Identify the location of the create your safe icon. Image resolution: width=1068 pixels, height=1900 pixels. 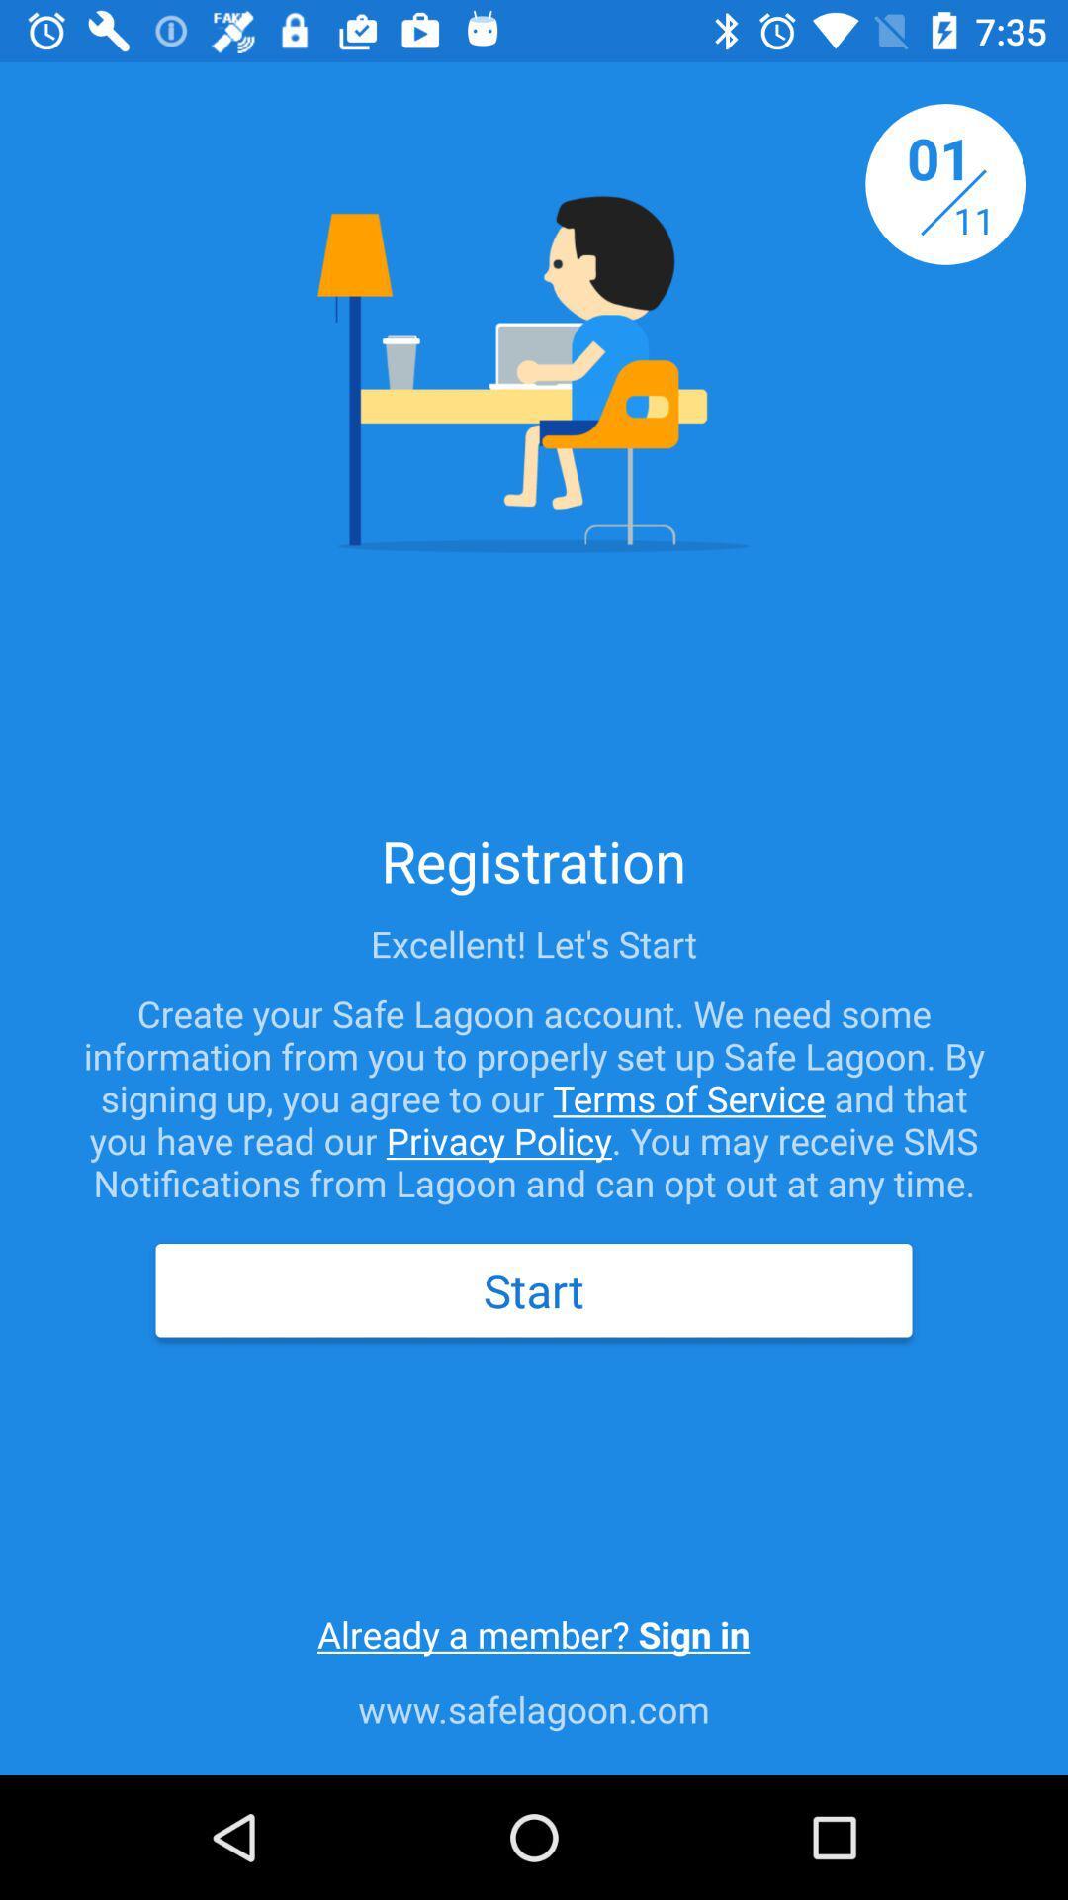
(534, 1096).